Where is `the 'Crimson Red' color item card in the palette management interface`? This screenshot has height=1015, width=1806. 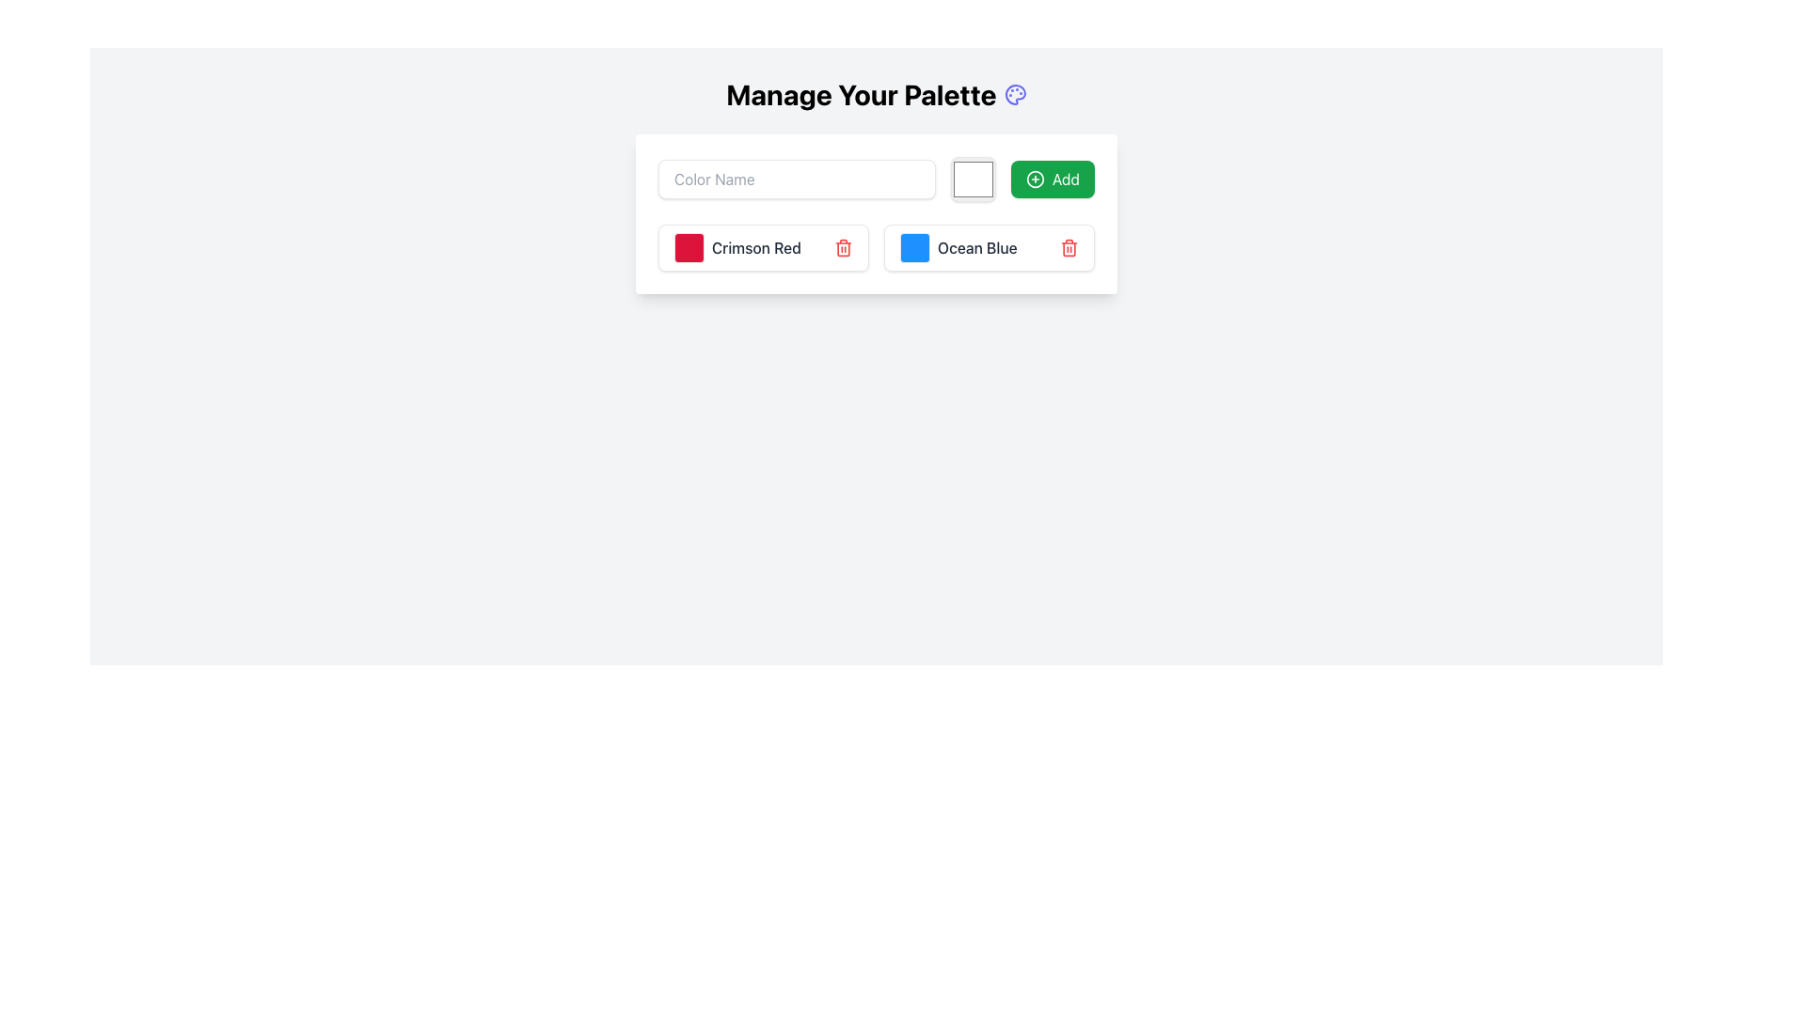
the 'Crimson Red' color item card in the palette management interface is located at coordinates (763, 246).